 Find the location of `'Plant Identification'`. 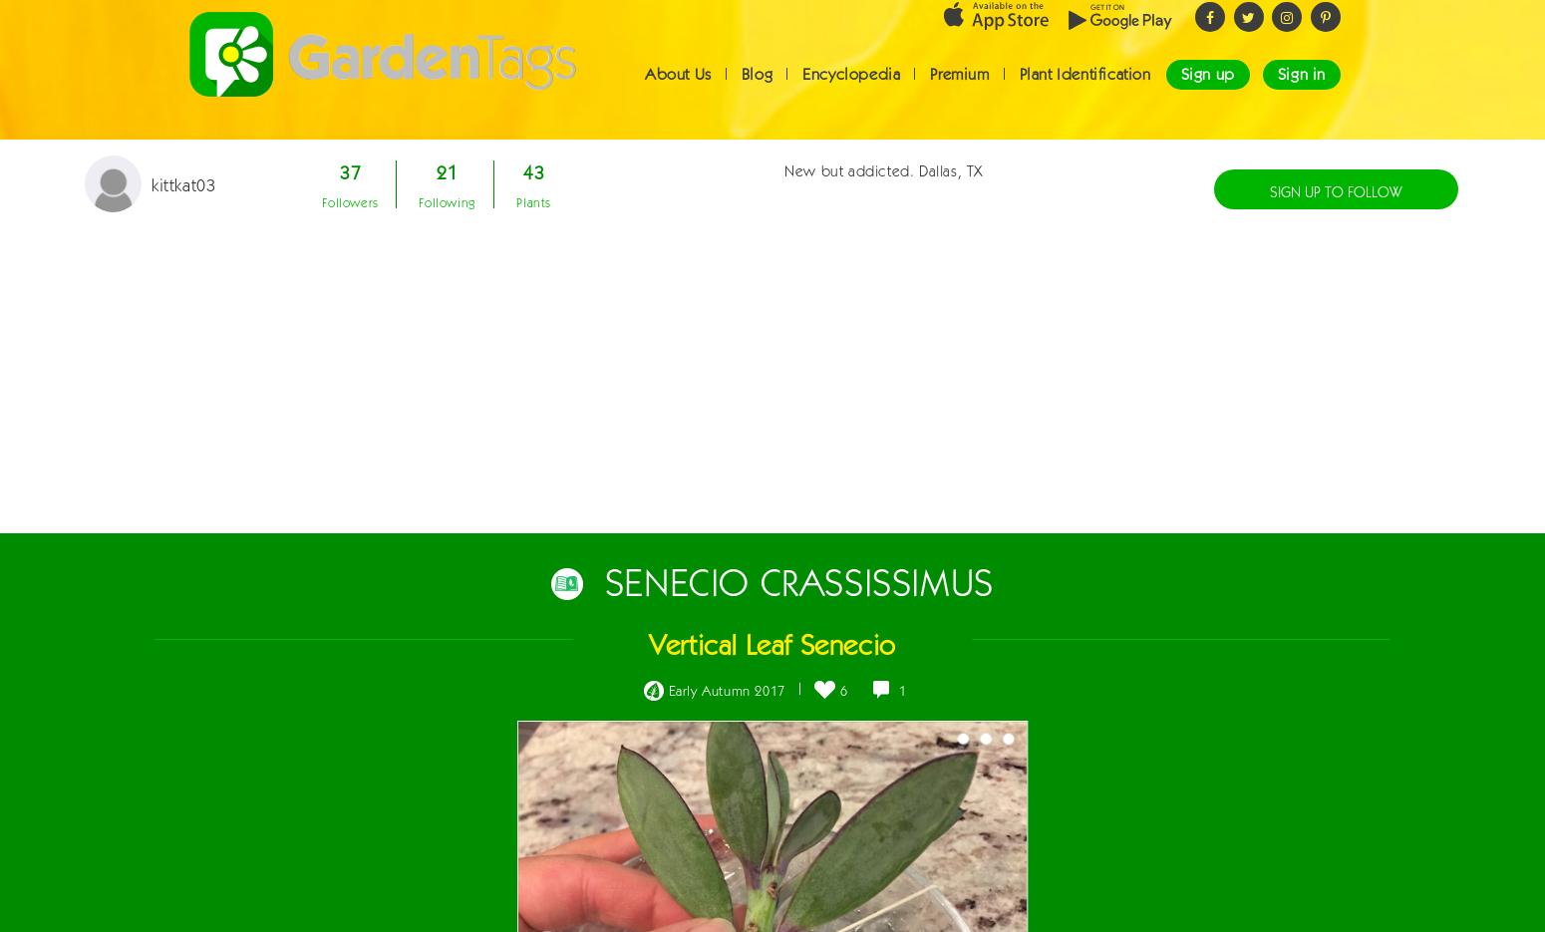

'Plant Identification' is located at coordinates (1082, 91).